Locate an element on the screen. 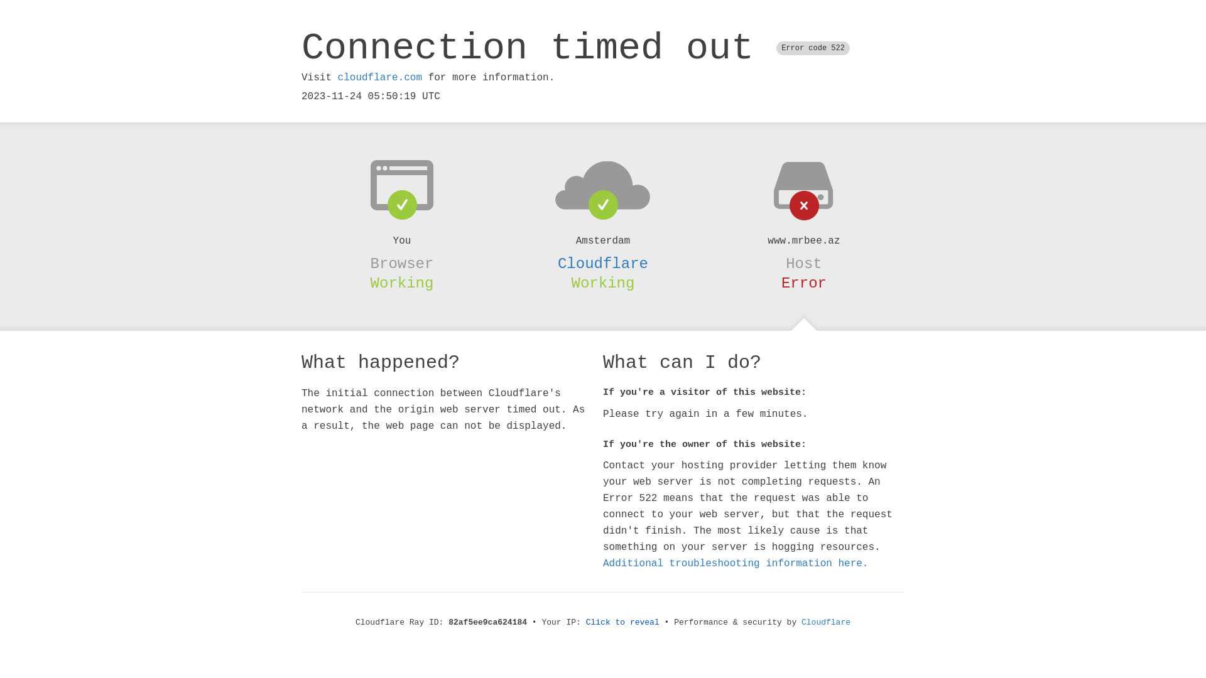  'Cloudflare' is located at coordinates (826, 622).